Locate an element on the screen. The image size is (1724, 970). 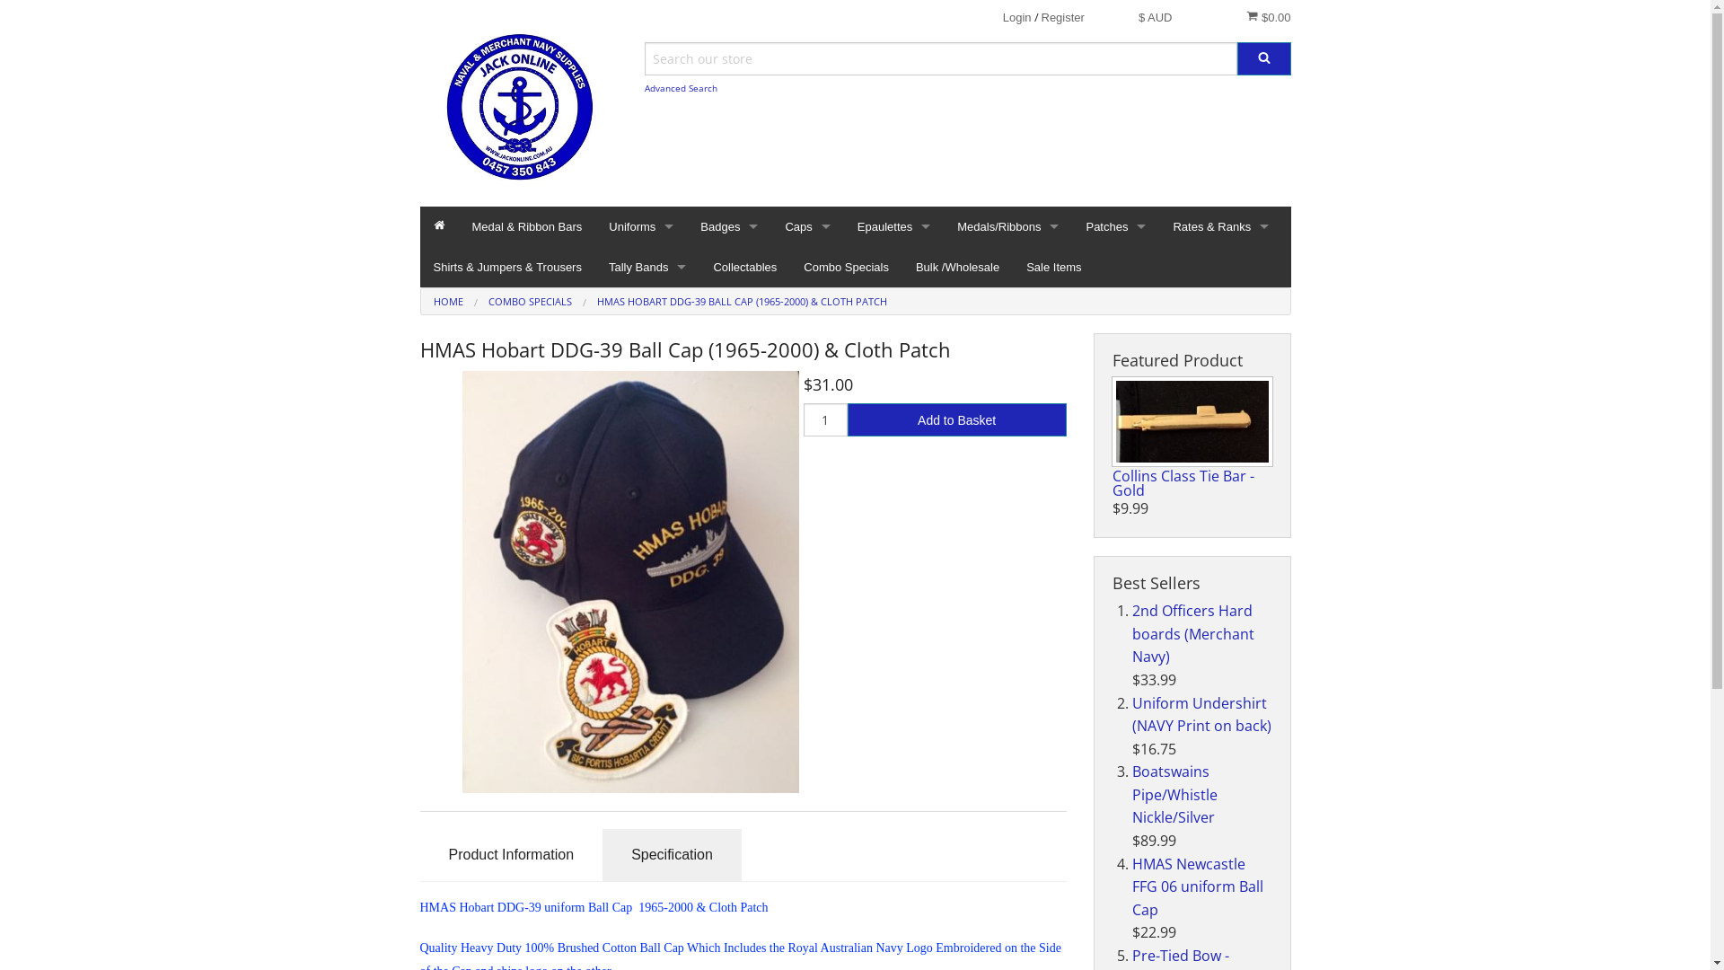
'HOME' is located at coordinates (447, 300).